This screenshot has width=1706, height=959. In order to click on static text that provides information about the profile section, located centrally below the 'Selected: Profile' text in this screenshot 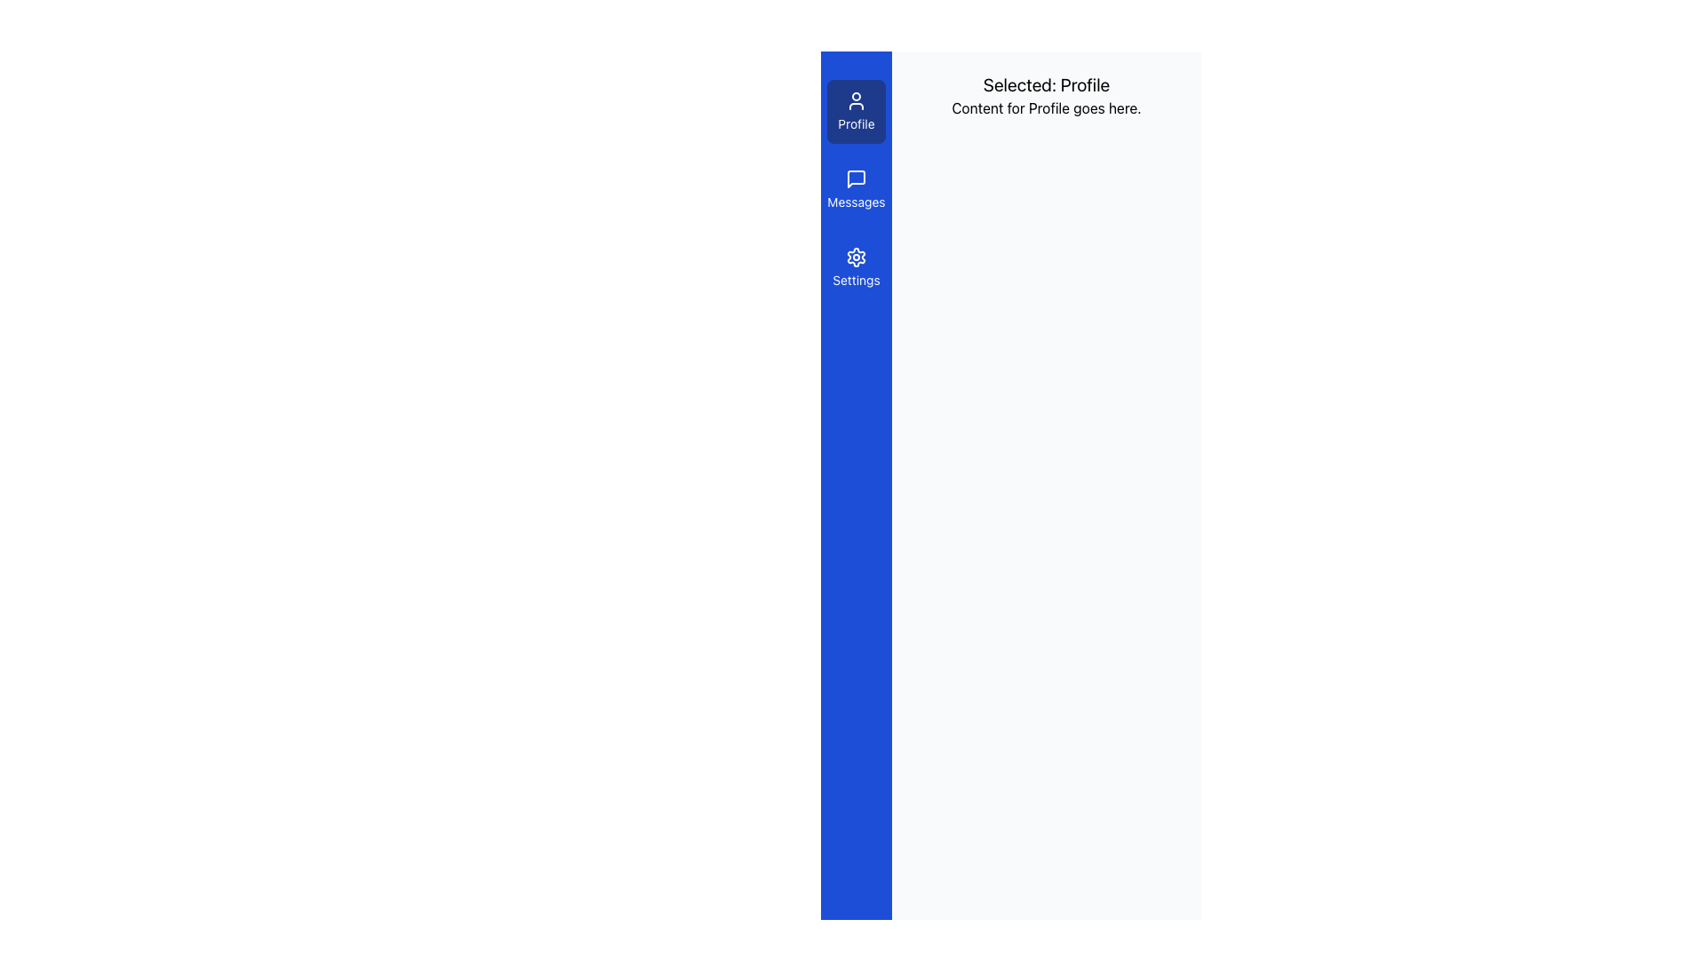, I will do `click(1046, 108)`.